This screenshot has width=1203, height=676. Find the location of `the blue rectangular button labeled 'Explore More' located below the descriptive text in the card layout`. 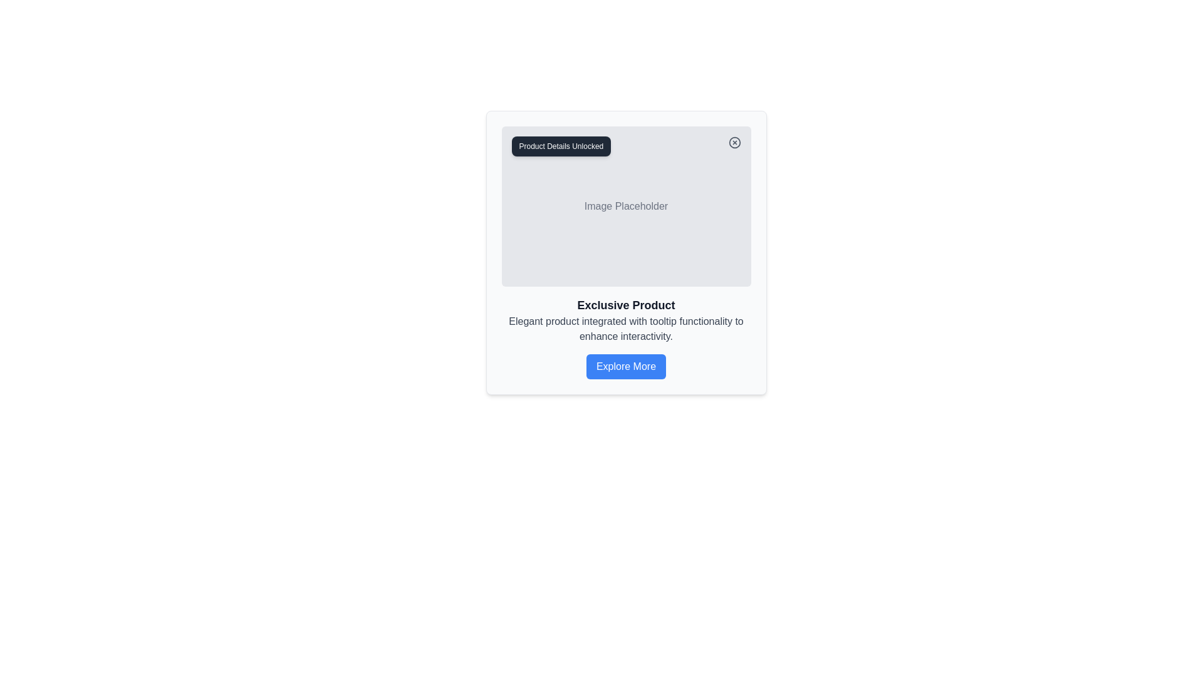

the blue rectangular button labeled 'Explore More' located below the descriptive text in the card layout is located at coordinates (626, 366).